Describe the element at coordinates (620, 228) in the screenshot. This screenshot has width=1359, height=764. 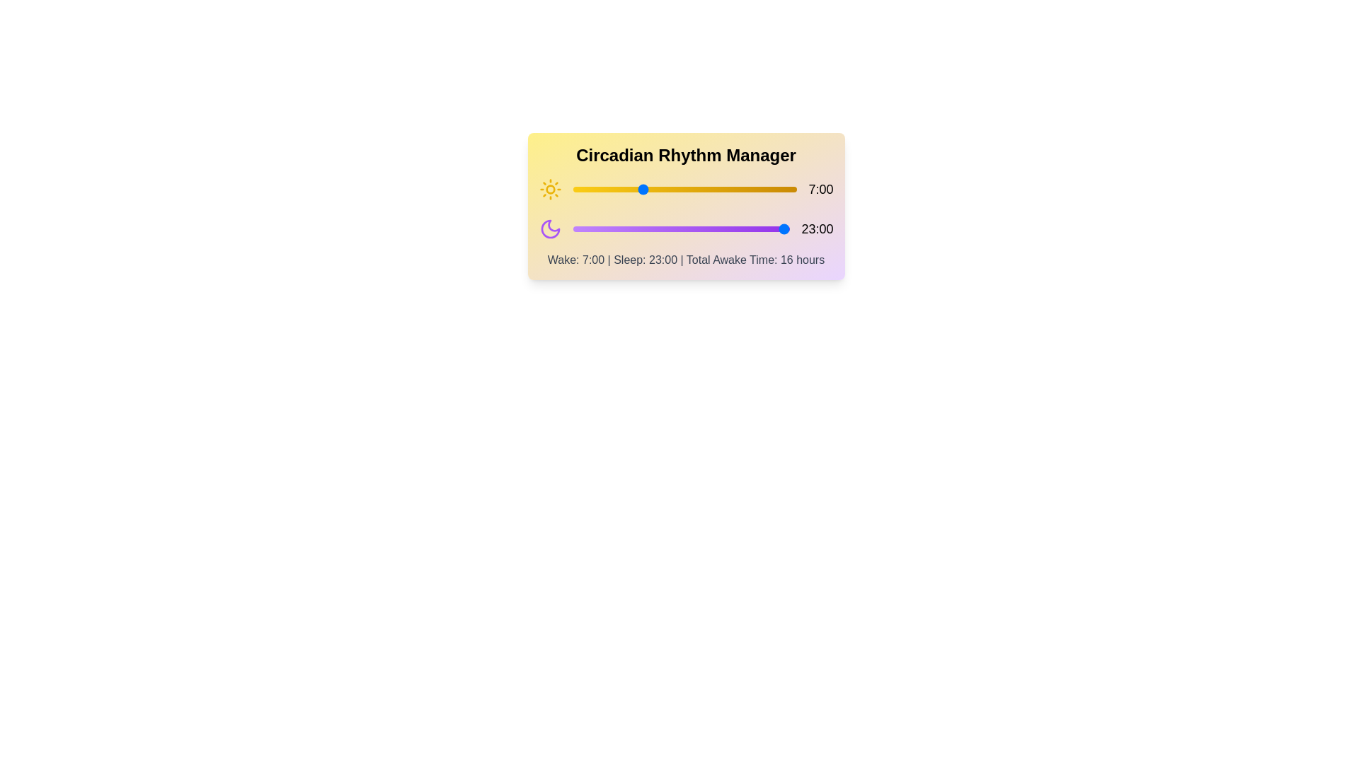
I see `the sleep hour slider to 5` at that location.